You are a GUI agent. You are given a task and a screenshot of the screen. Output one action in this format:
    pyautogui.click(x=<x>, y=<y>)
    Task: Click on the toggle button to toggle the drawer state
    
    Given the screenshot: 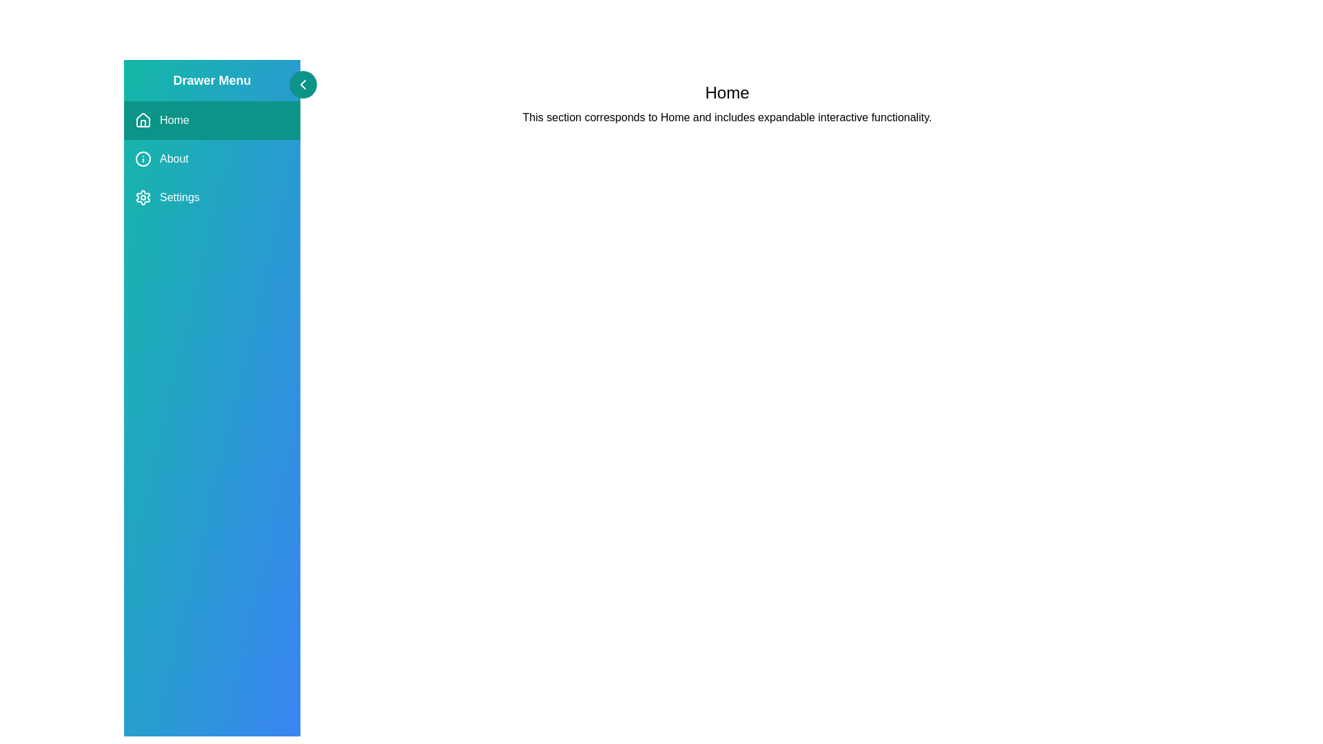 What is the action you would take?
    pyautogui.click(x=302, y=85)
    